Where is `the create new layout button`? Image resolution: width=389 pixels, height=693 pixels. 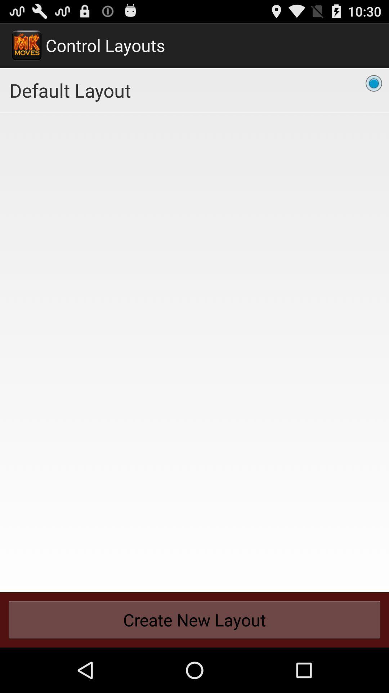 the create new layout button is located at coordinates (194, 619).